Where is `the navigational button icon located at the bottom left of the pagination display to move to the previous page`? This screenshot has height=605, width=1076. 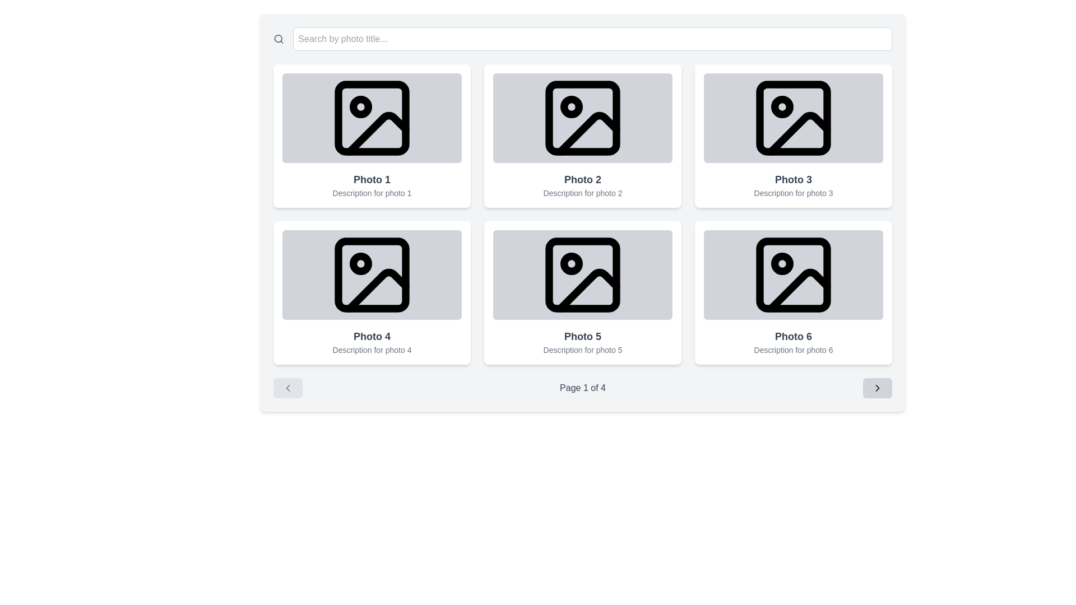 the navigational button icon located at the bottom left of the pagination display to move to the previous page is located at coordinates (287, 388).